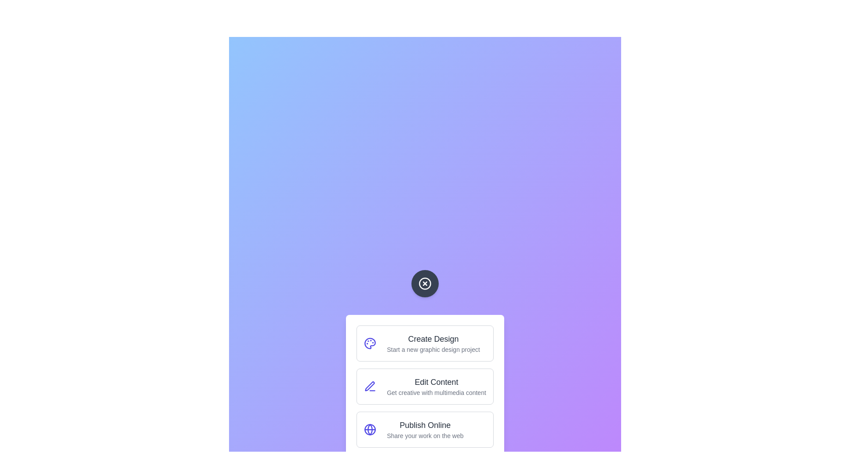 The image size is (844, 475). What do you see at coordinates (425, 472) in the screenshot?
I see `the action item Project Archive` at bounding box center [425, 472].